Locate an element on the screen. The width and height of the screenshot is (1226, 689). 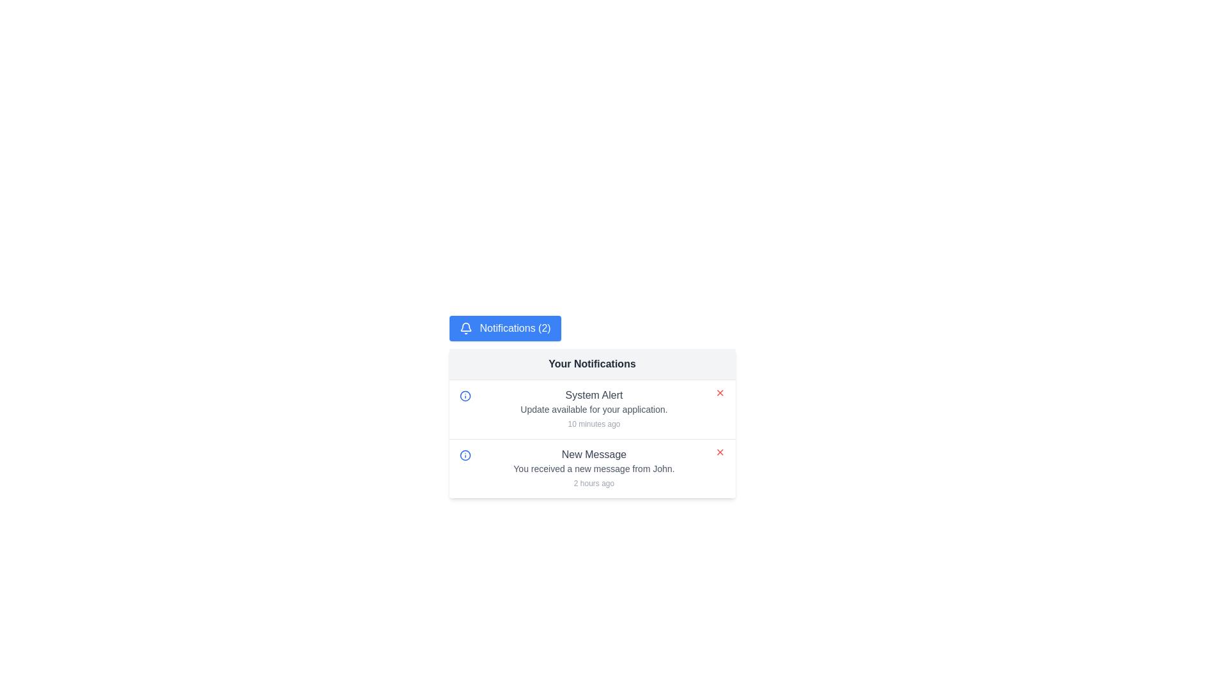
the close button located at the top-right corner of the 'New Message' card is located at coordinates (720, 452).